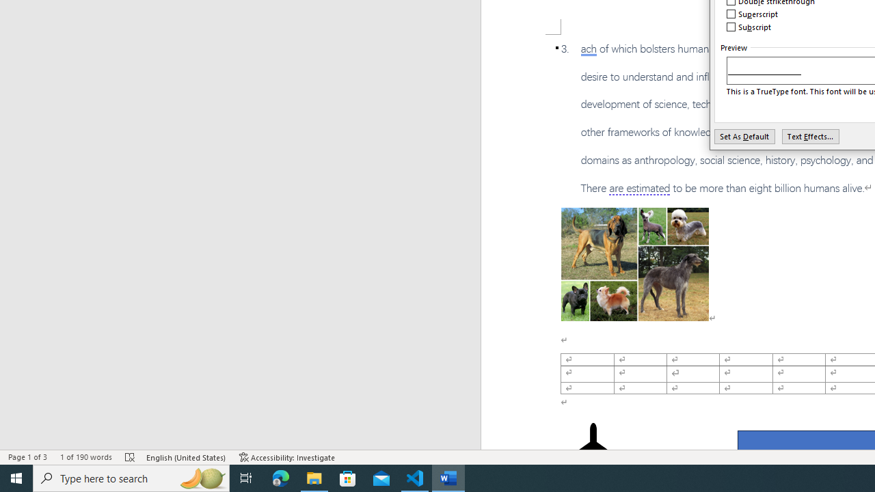 Image resolution: width=875 pixels, height=492 pixels. What do you see at coordinates (414, 477) in the screenshot?
I see `'Visual Studio Code - 1 running window'` at bounding box center [414, 477].